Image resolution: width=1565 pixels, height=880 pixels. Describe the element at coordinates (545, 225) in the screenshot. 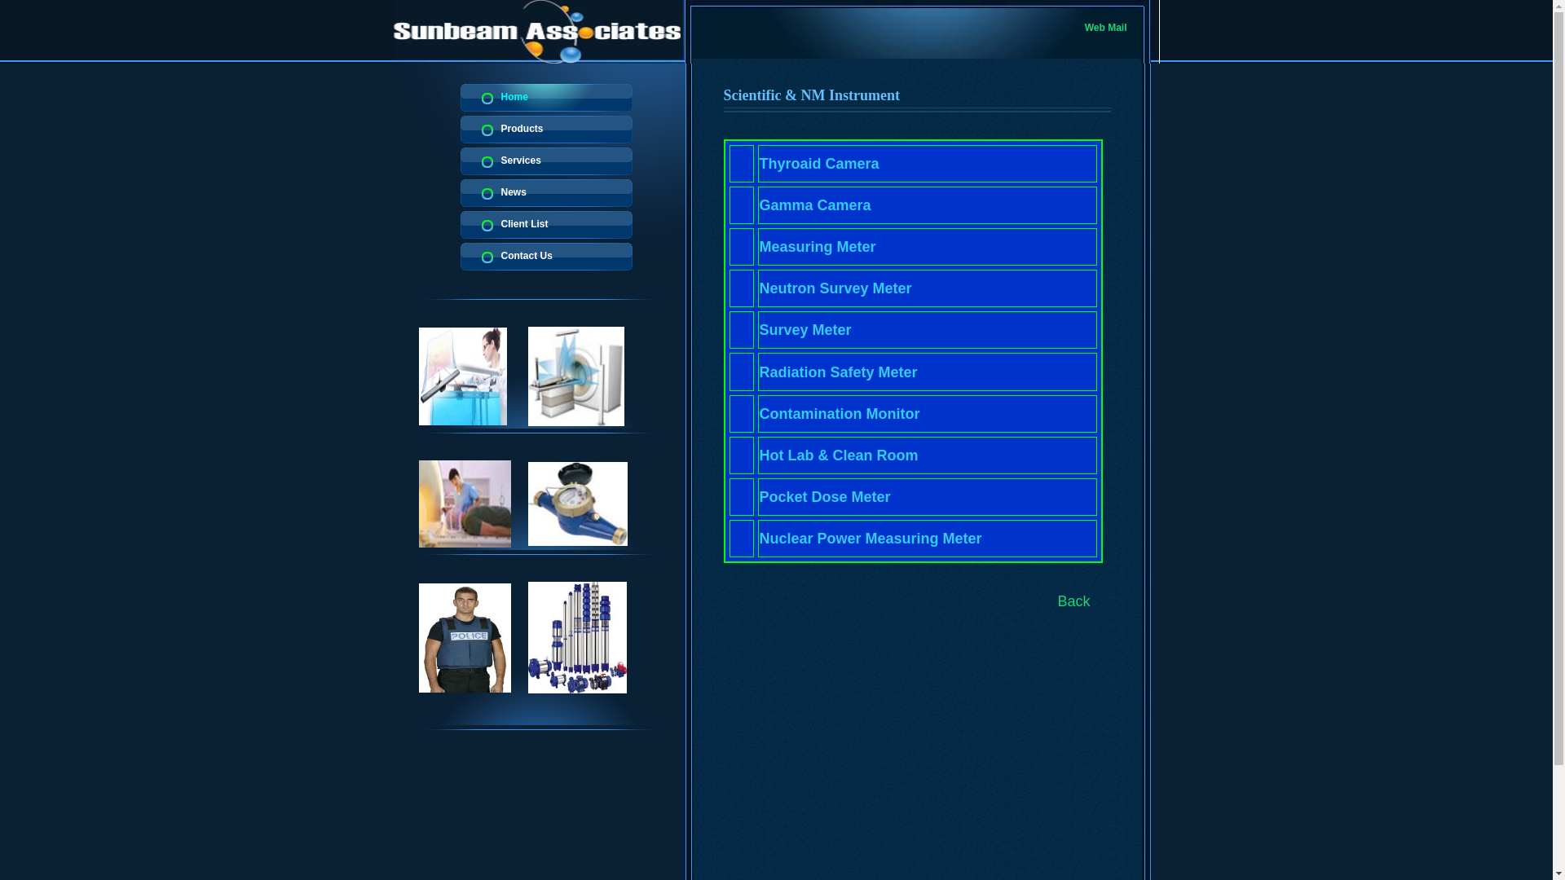

I see `'Client List'` at that location.